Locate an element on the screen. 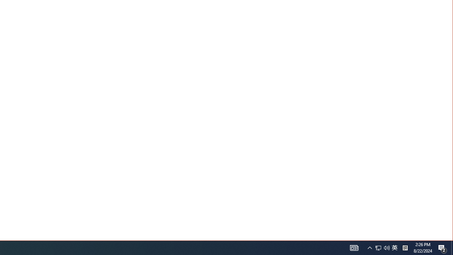 The image size is (453, 255). 'AutomationID: 4105' is located at coordinates (354, 247).